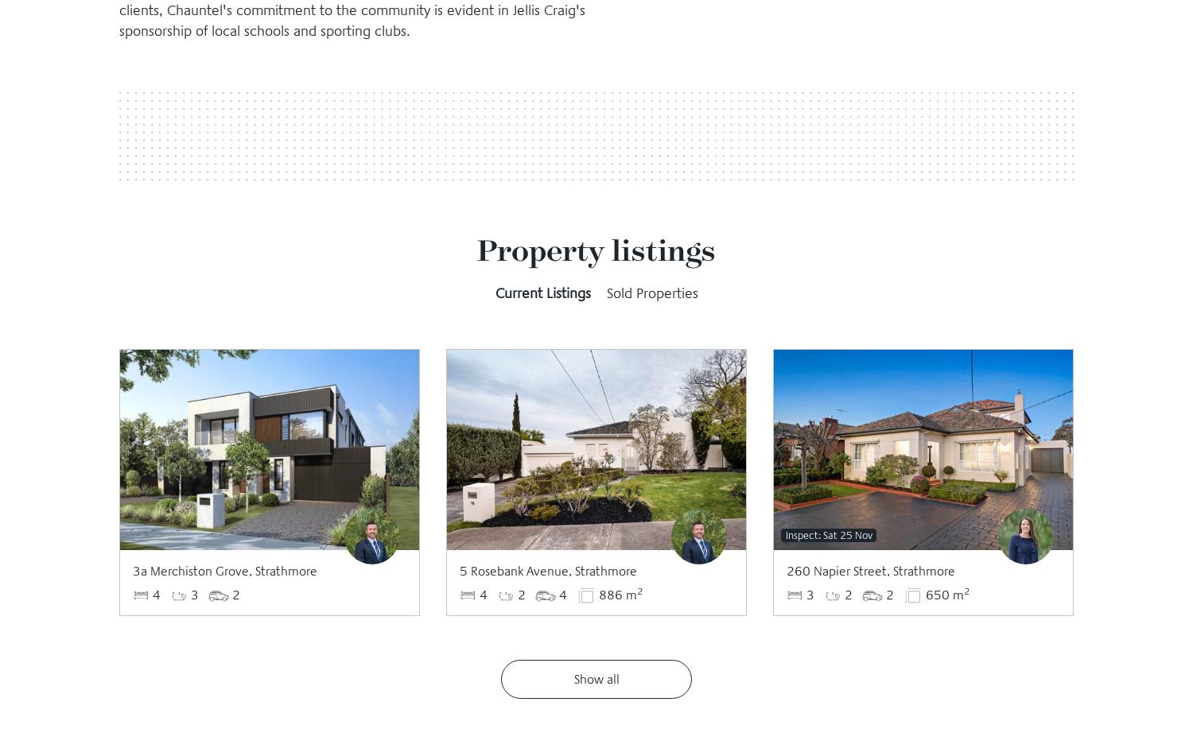  What do you see at coordinates (542, 293) in the screenshot?
I see `'Current Listings'` at bounding box center [542, 293].